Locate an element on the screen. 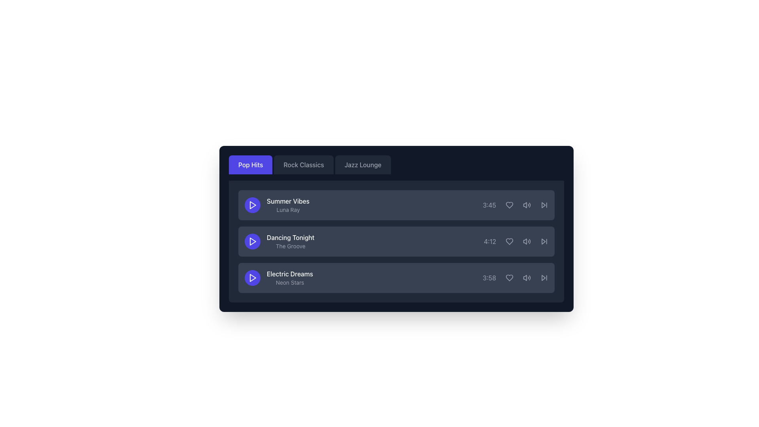 The image size is (759, 427). the duration display of the audio track 'Dancing Tonight', which is located in the second row of the playlist, adjacent to the volume and skip-forward icons is located at coordinates (489, 241).